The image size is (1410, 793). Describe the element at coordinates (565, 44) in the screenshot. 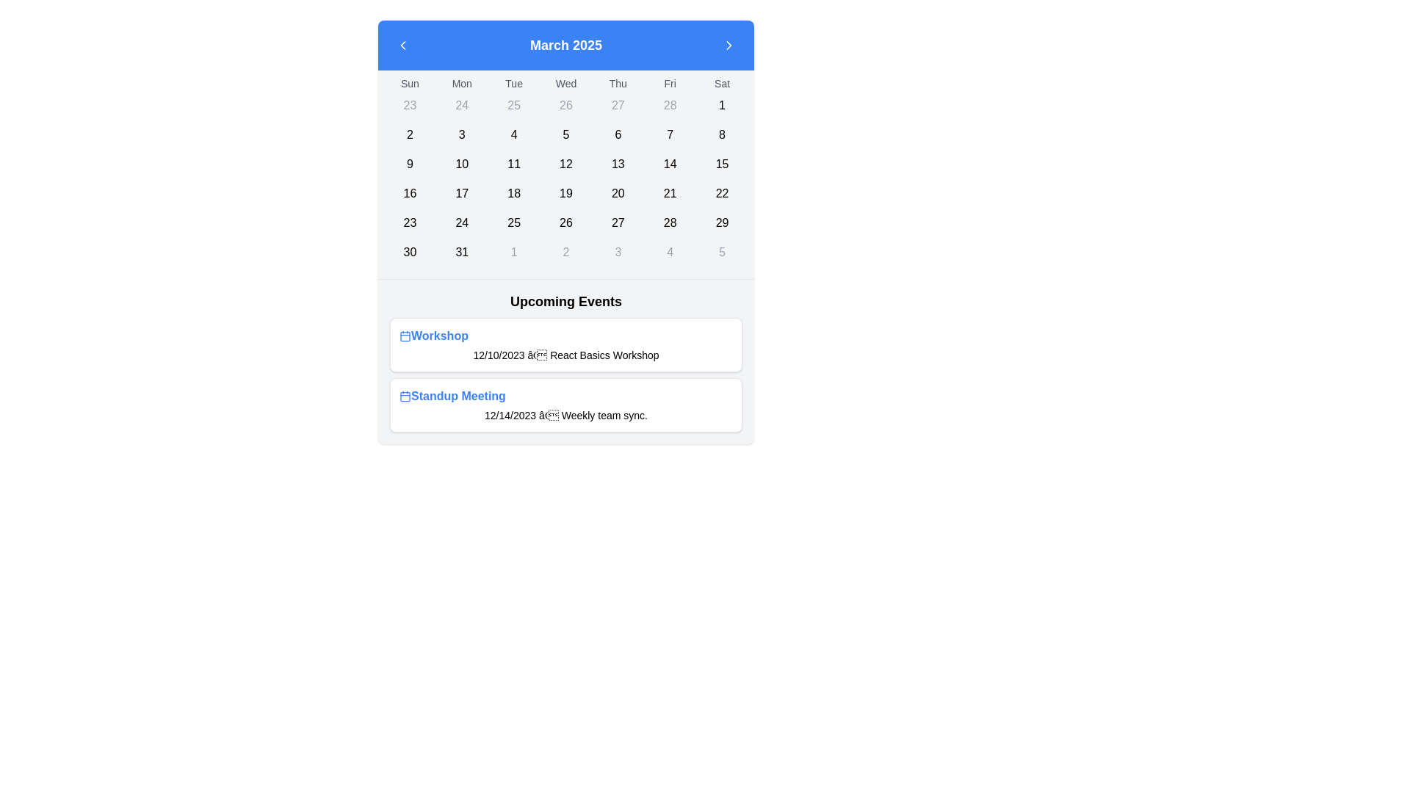

I see `the static text label indicating the current month and year in the calendar view, located centrally in the header area of the blue section` at that location.